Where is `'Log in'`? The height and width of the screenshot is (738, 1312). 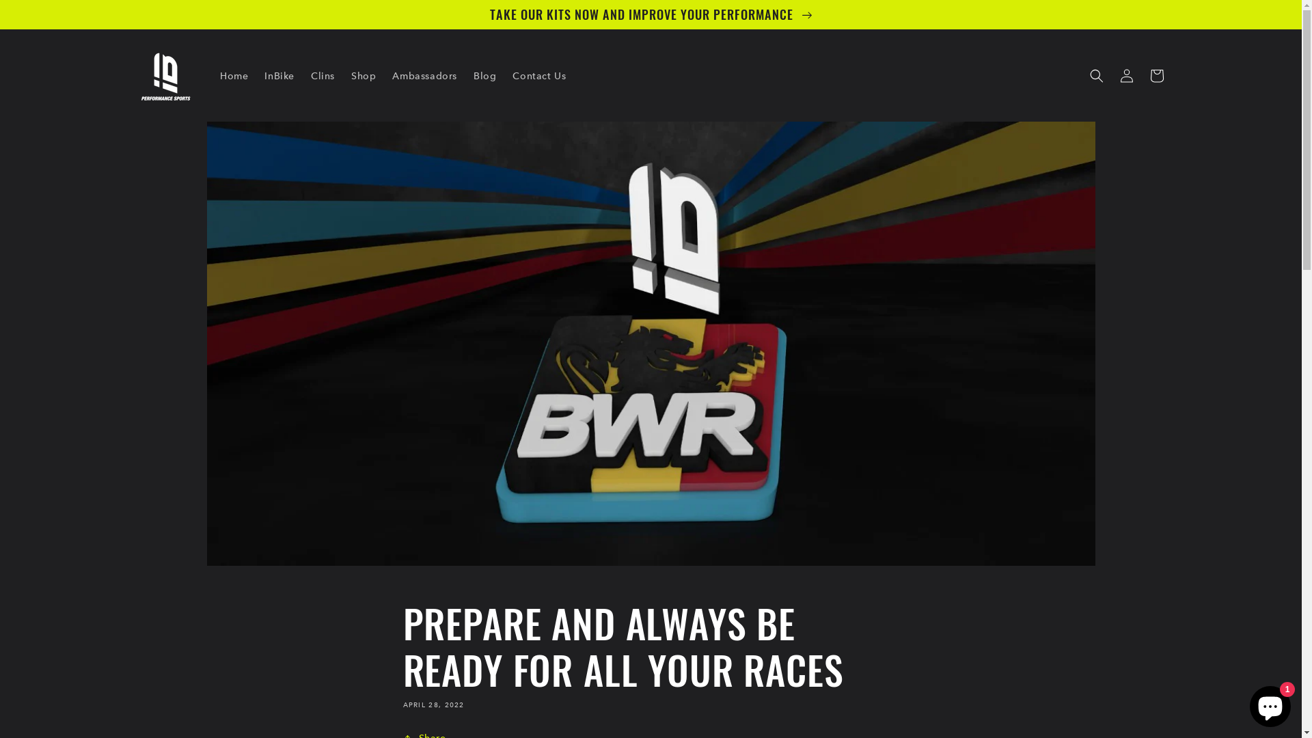
'Log in' is located at coordinates (1125, 76).